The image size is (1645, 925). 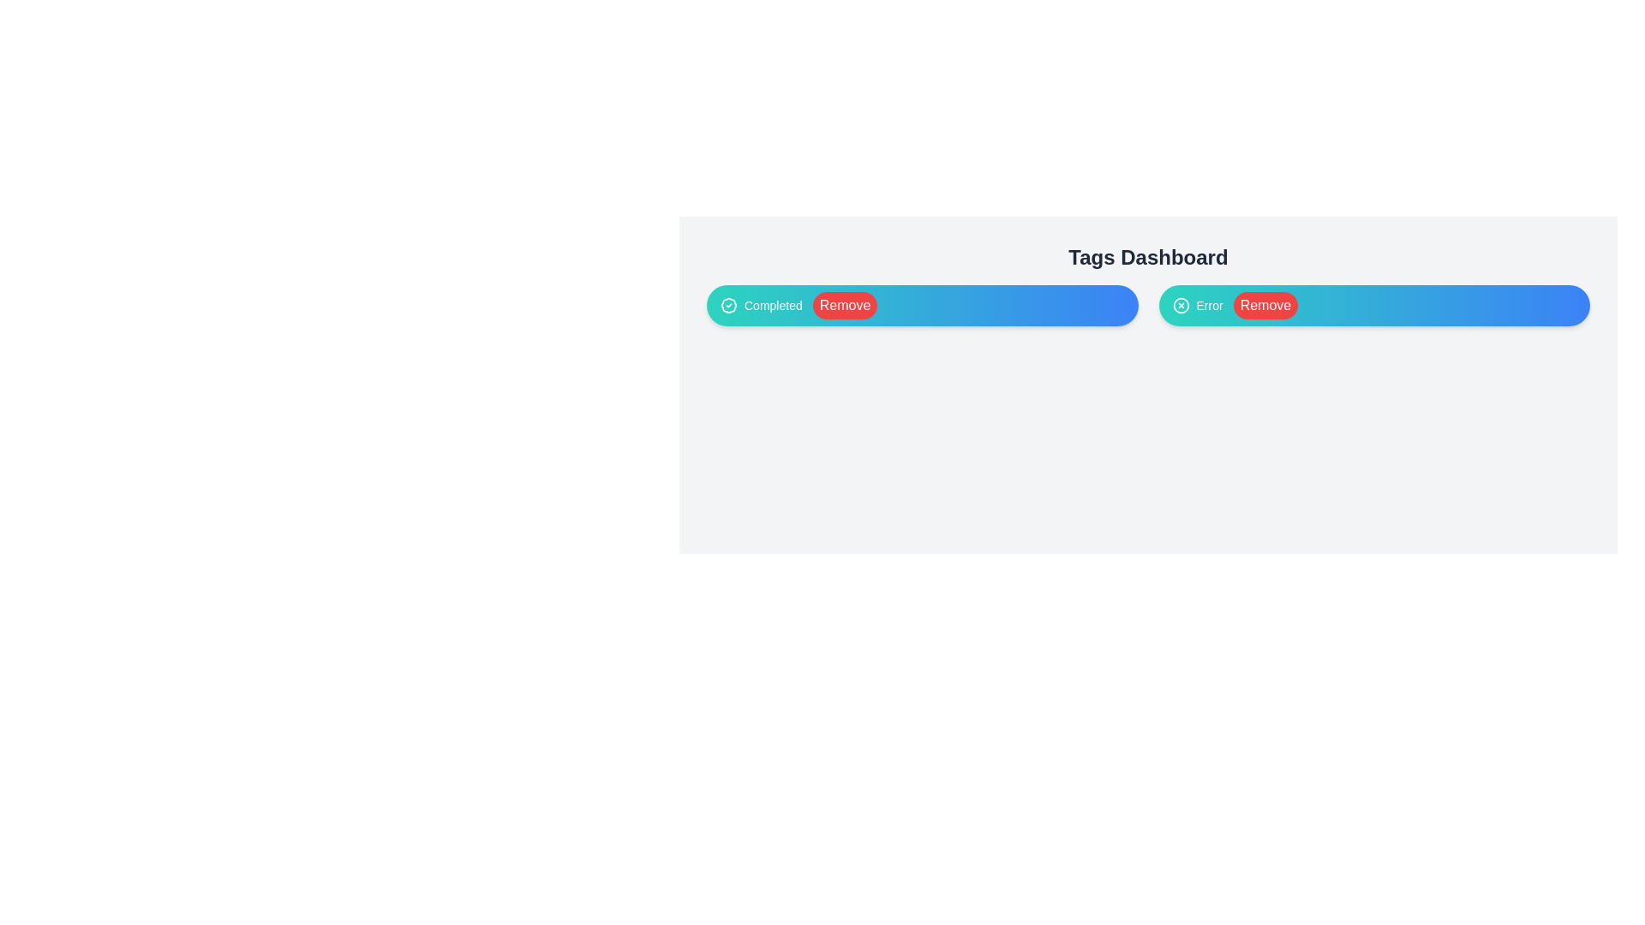 I want to click on the 'Remove' button for the Completed tag, so click(x=845, y=305).